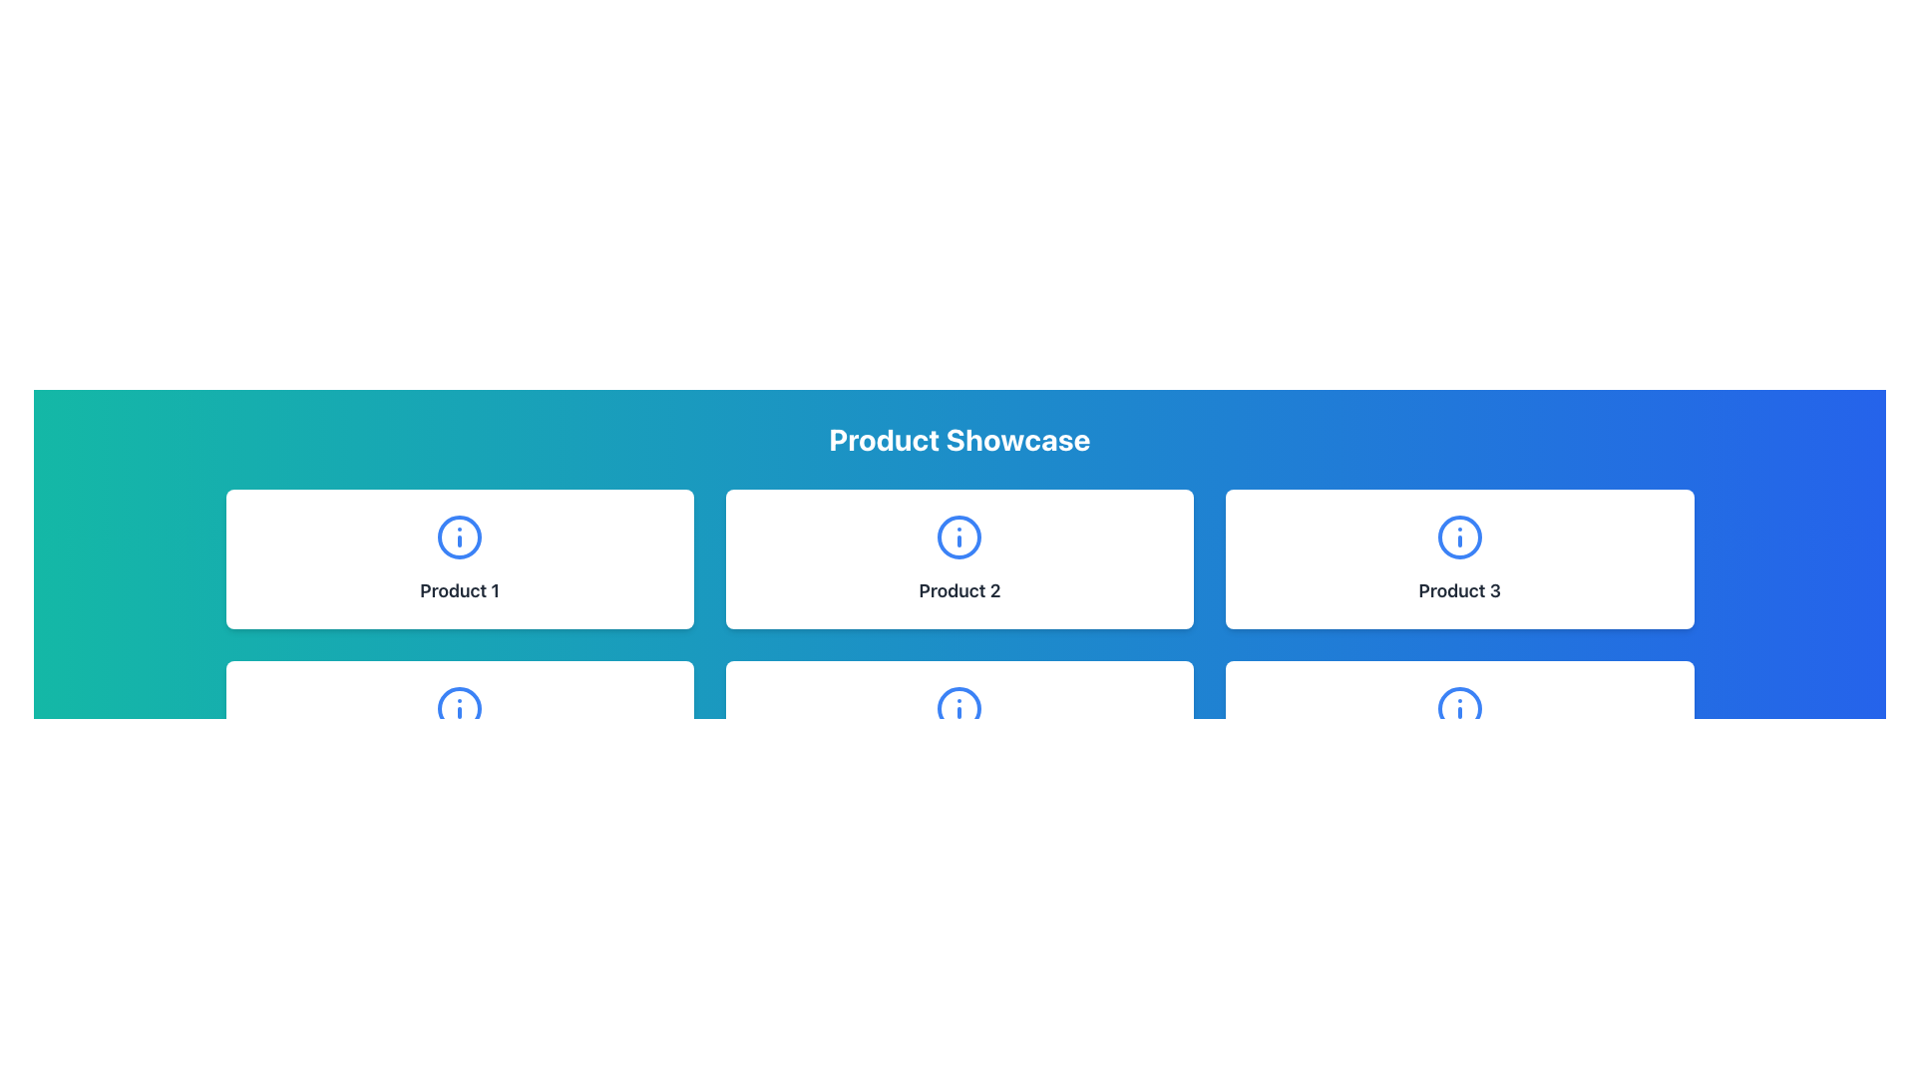 The image size is (1915, 1077). Describe the element at coordinates (1459, 707) in the screenshot. I see `the vibrant blue information icon with an 'i' inside, located at the center top of the 'Product 6' card` at that location.